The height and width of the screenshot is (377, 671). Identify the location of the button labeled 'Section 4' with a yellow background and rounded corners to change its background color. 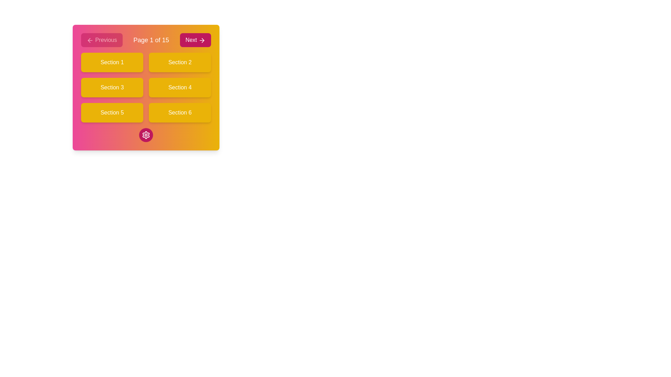
(180, 87).